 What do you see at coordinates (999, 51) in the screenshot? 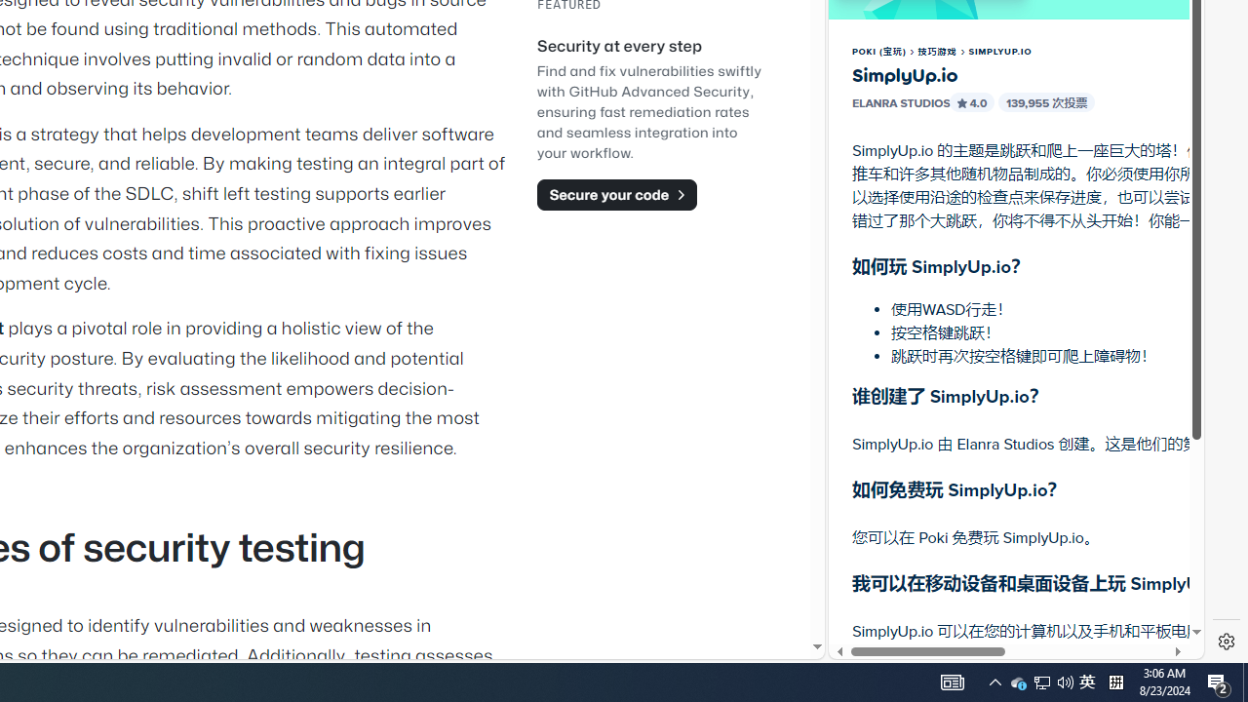
I see `'SIMPLYUP.IO'` at bounding box center [999, 51].